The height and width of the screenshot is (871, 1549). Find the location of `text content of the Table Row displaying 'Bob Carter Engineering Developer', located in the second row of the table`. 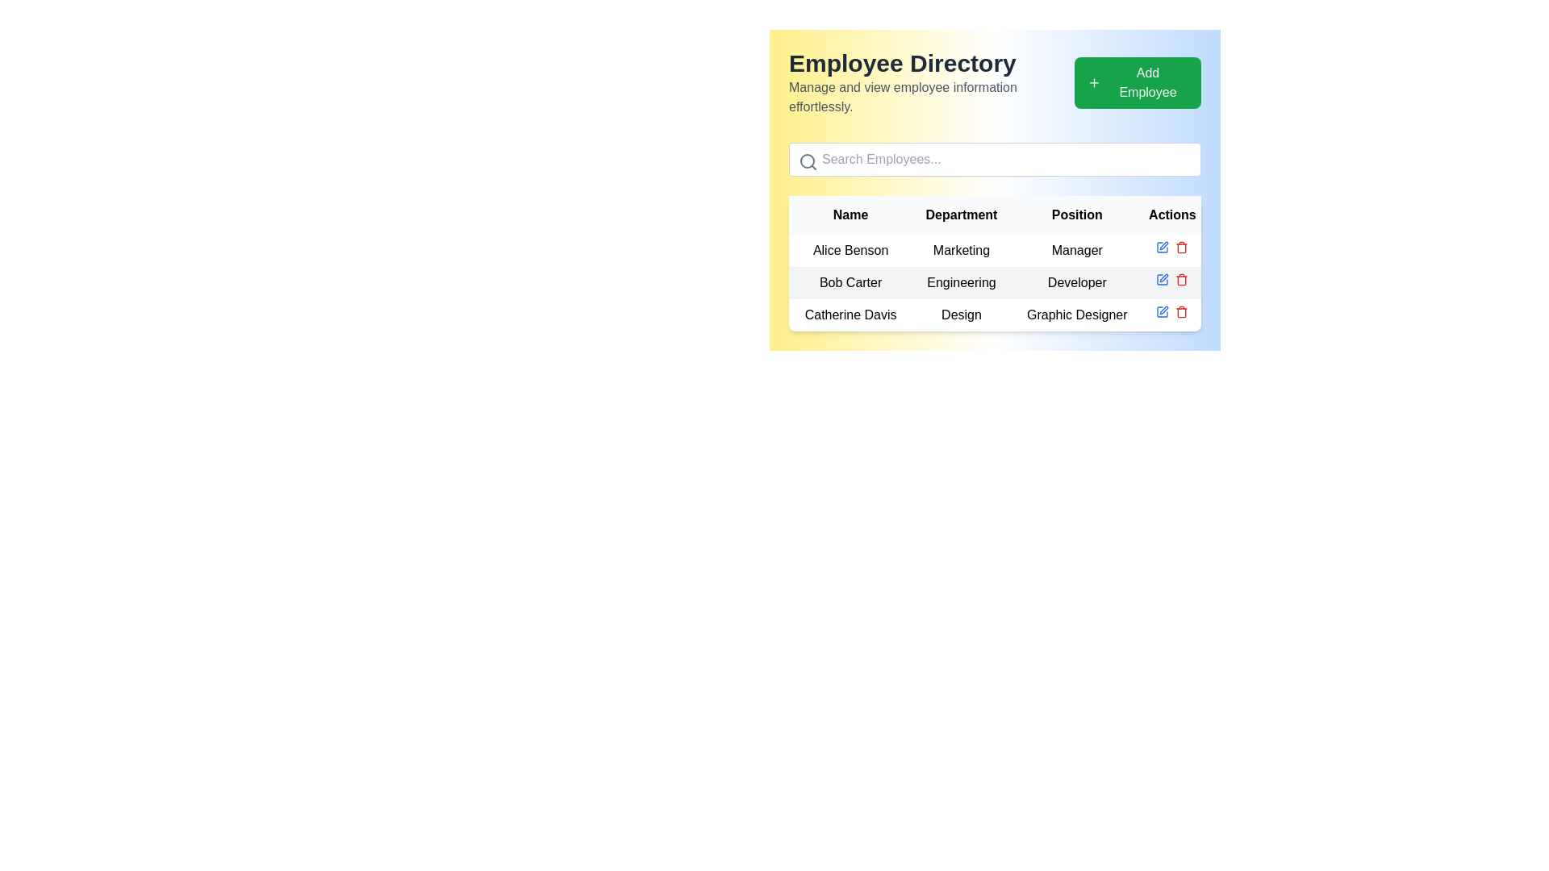

text content of the Table Row displaying 'Bob Carter Engineering Developer', located in the second row of the table is located at coordinates (994, 282).